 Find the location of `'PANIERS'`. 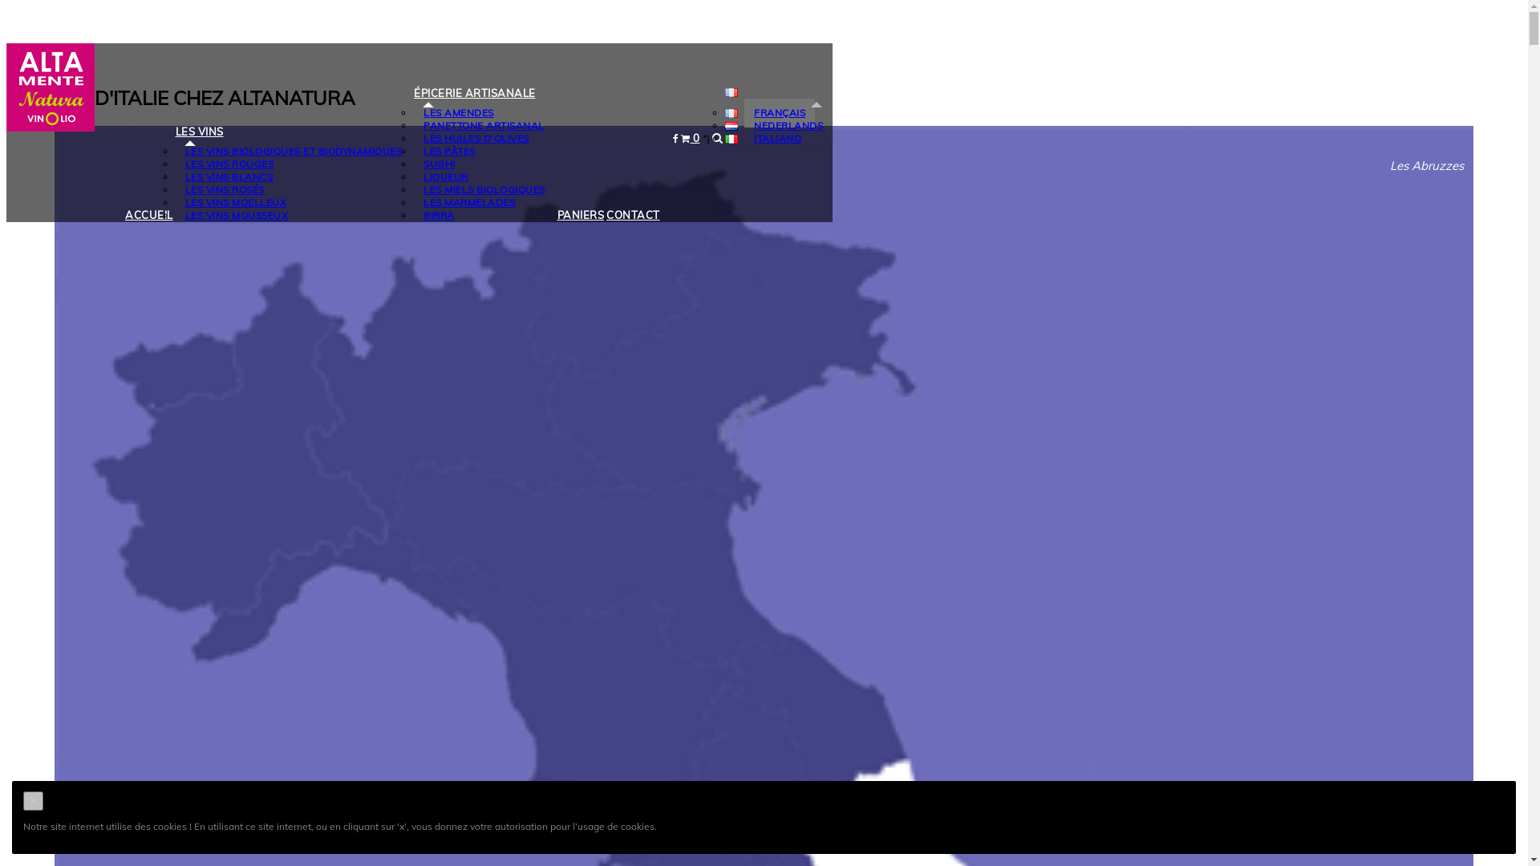

'PANIERS' is located at coordinates (579, 213).